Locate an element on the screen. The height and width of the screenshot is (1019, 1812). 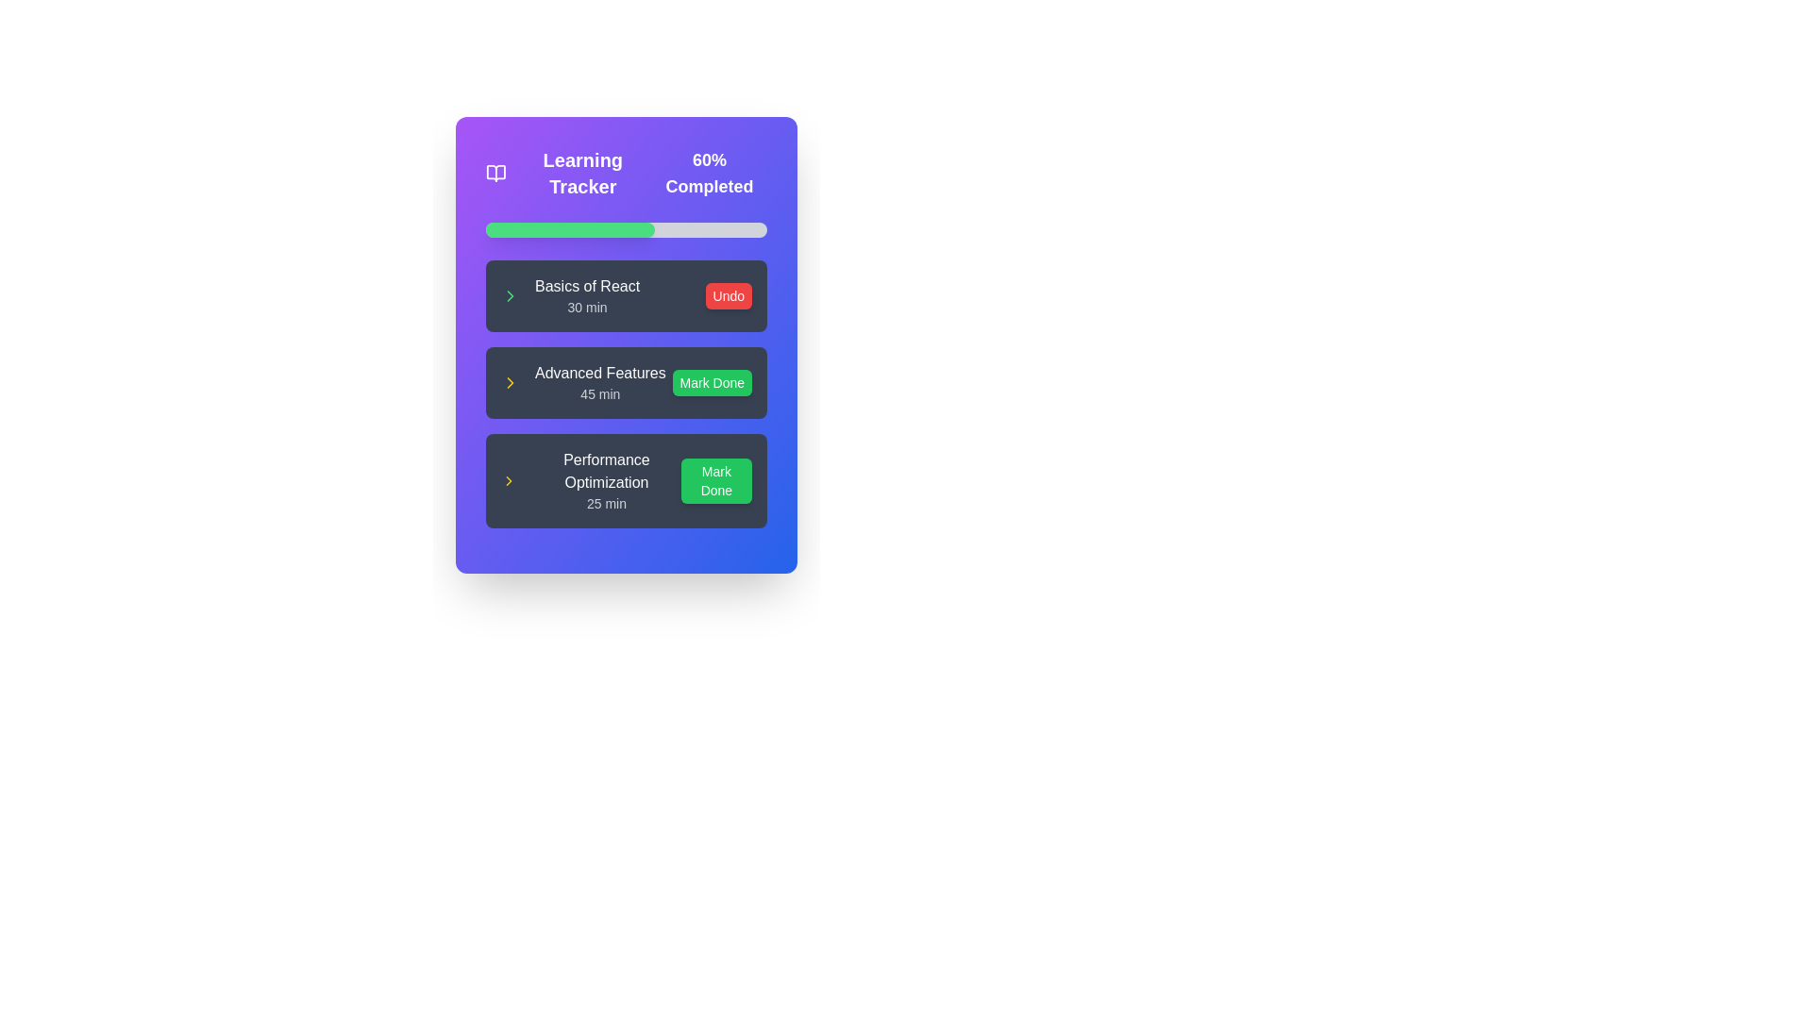
the Text Label element displaying 'Basics of React', which is bold and white against a dark background, located in the first section under 'Learning Tracker' is located at coordinates (586, 287).